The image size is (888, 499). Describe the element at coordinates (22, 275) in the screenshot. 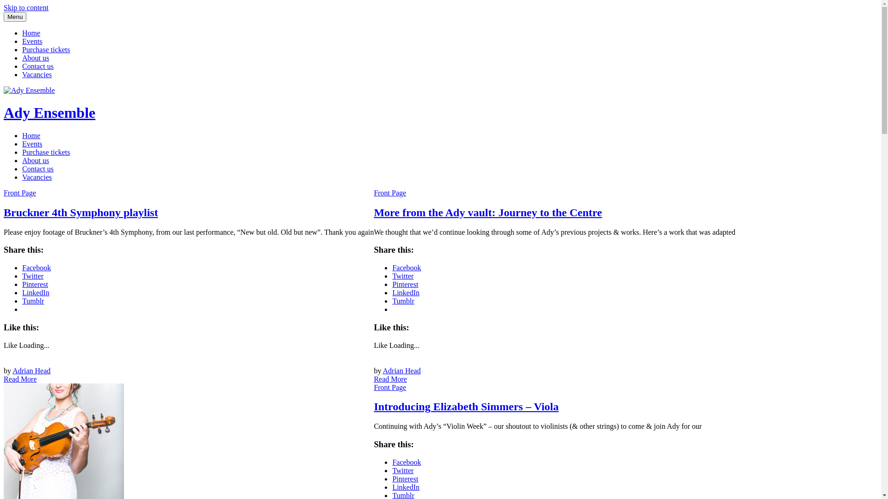

I see `'Twitter'` at that location.